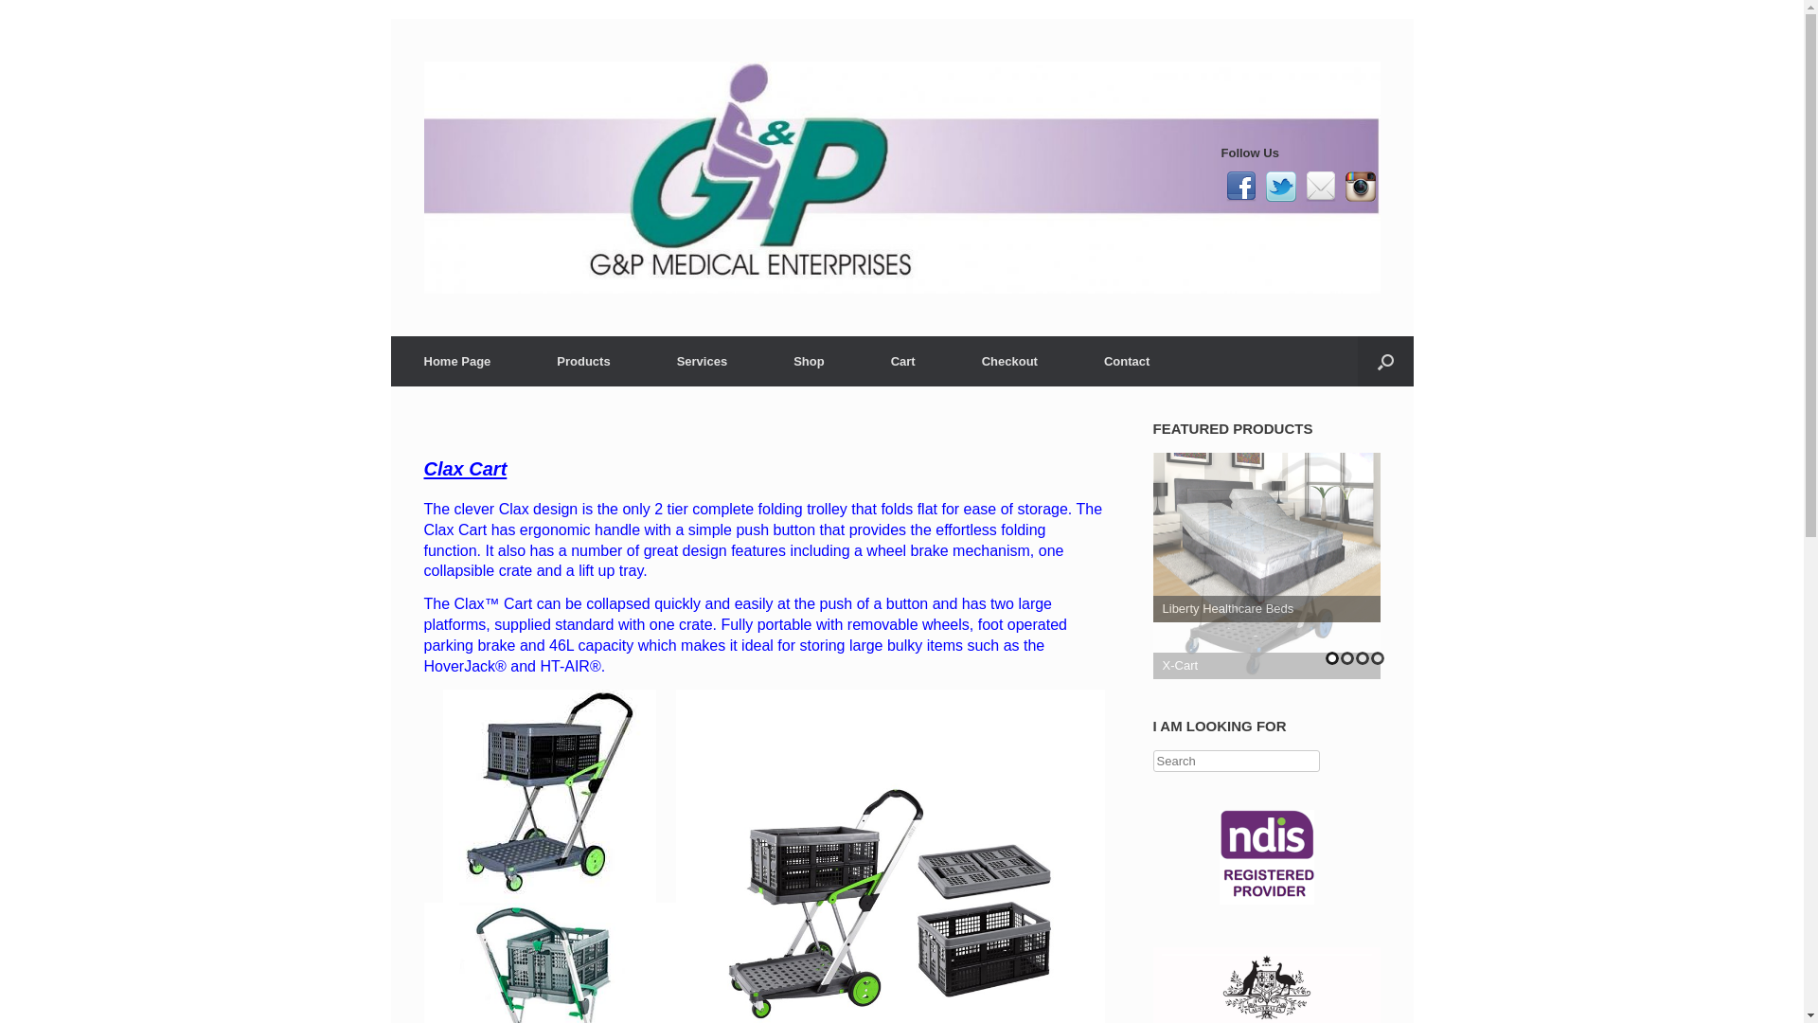 The image size is (1818, 1023). What do you see at coordinates (1127, 361) in the screenshot?
I see `'Contact'` at bounding box center [1127, 361].